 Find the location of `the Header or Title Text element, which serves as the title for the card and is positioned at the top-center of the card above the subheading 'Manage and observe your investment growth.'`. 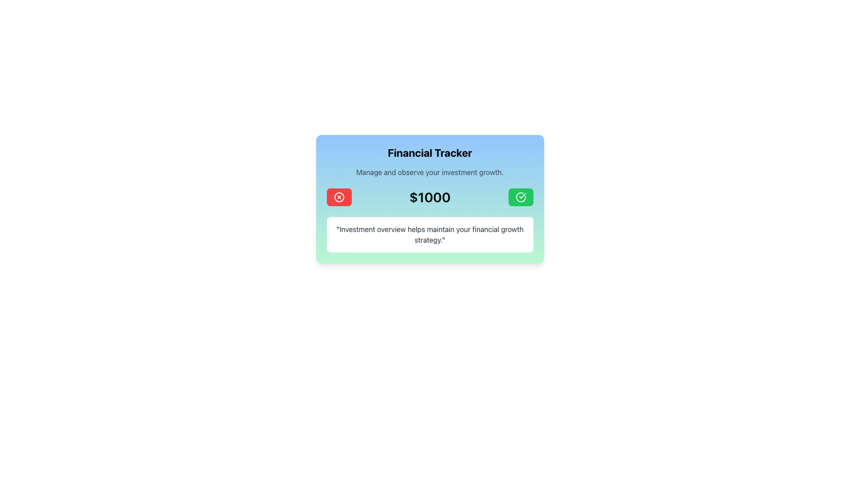

the Header or Title Text element, which serves as the title for the card and is positioned at the top-center of the card above the subheading 'Manage and observe your investment growth.' is located at coordinates (430, 152).